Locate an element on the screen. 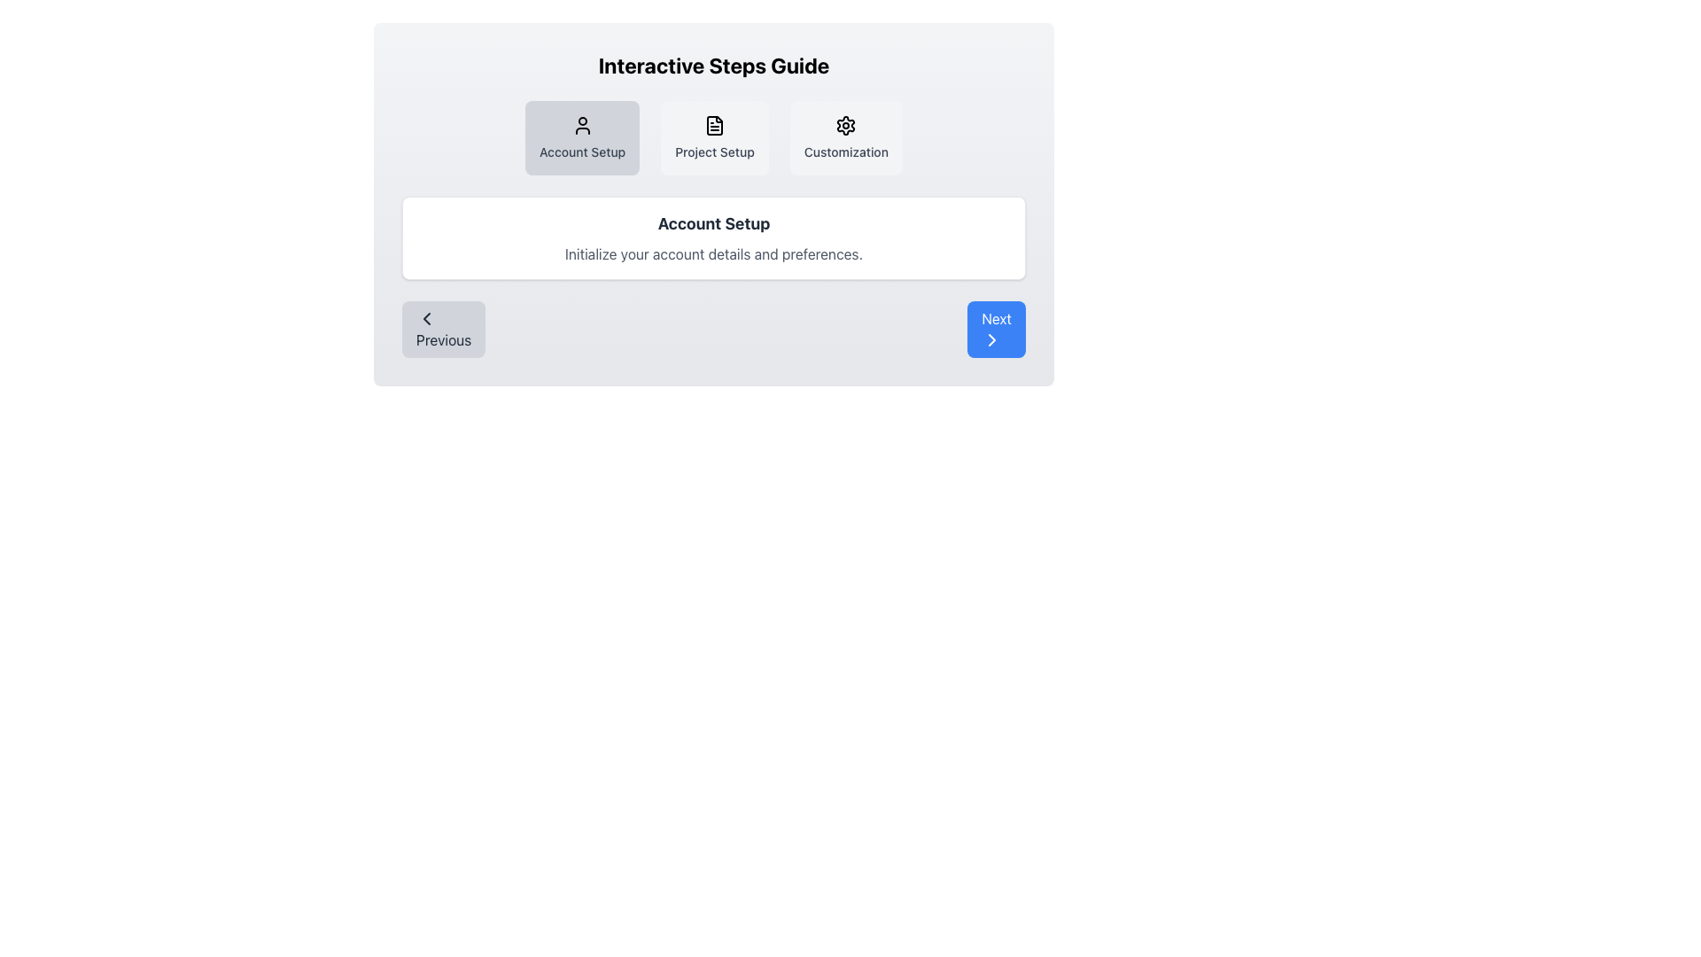  the settings icon located in the 'Customization' section is located at coordinates (845, 125).